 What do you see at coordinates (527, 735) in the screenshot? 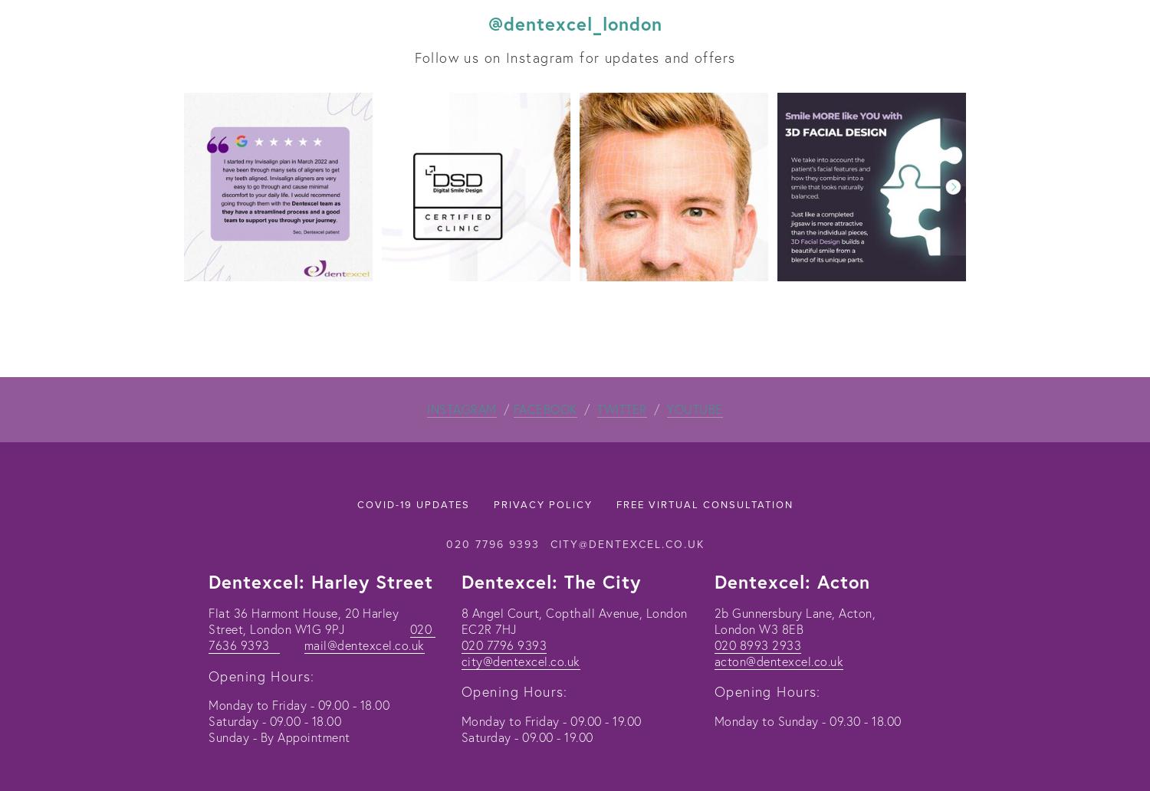
I see `'Saturday - 09.00 - 19.00'` at bounding box center [527, 735].